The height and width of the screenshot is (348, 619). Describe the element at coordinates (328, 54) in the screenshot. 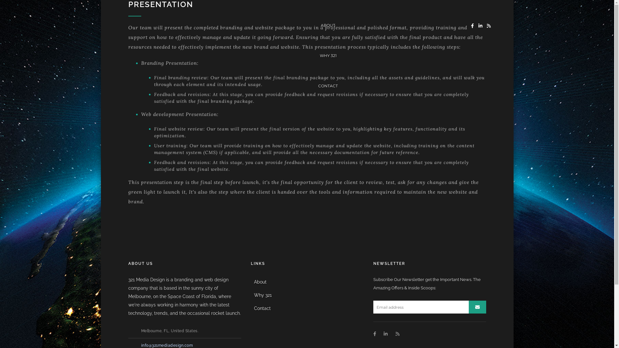

I see `'WHY 321'` at that location.